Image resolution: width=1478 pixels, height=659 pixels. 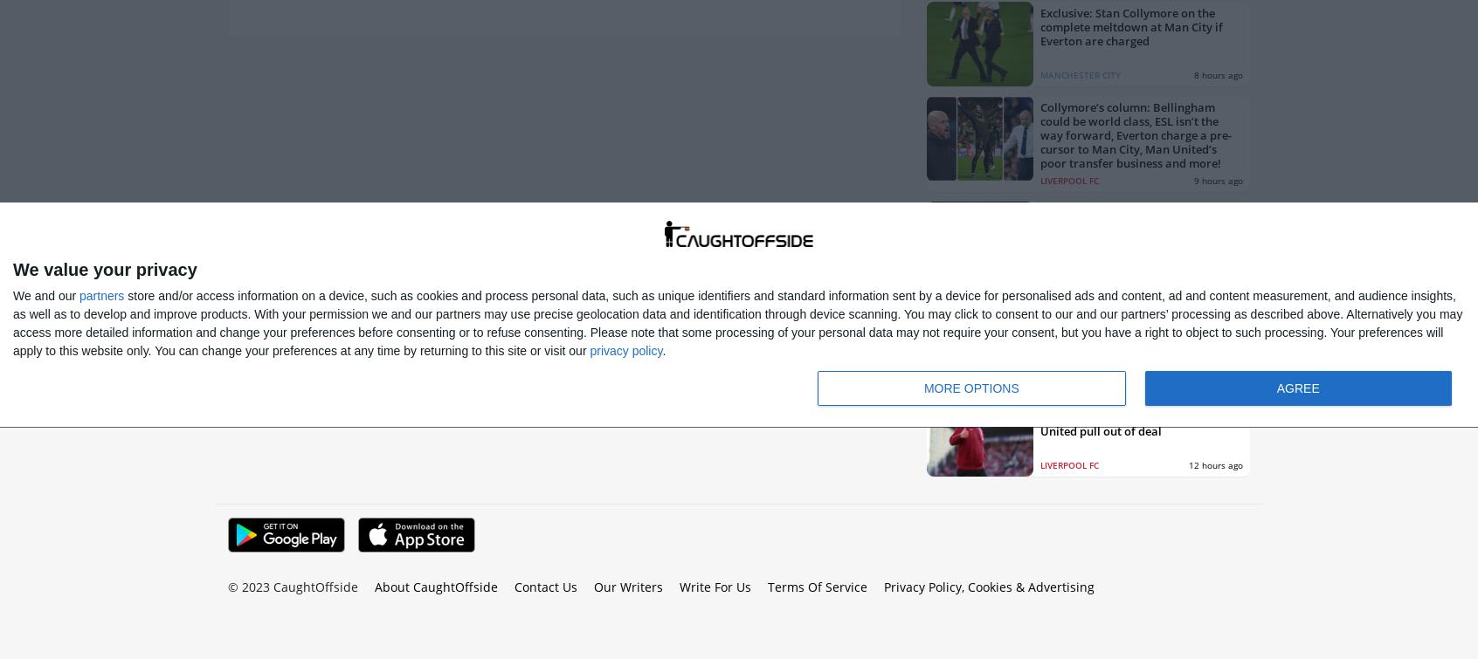 What do you see at coordinates (1124, 227) in the screenshot?
I see `'VIDEO: Leeds winger Dan James shows frustration as Bamford missed the penalty'` at bounding box center [1124, 227].